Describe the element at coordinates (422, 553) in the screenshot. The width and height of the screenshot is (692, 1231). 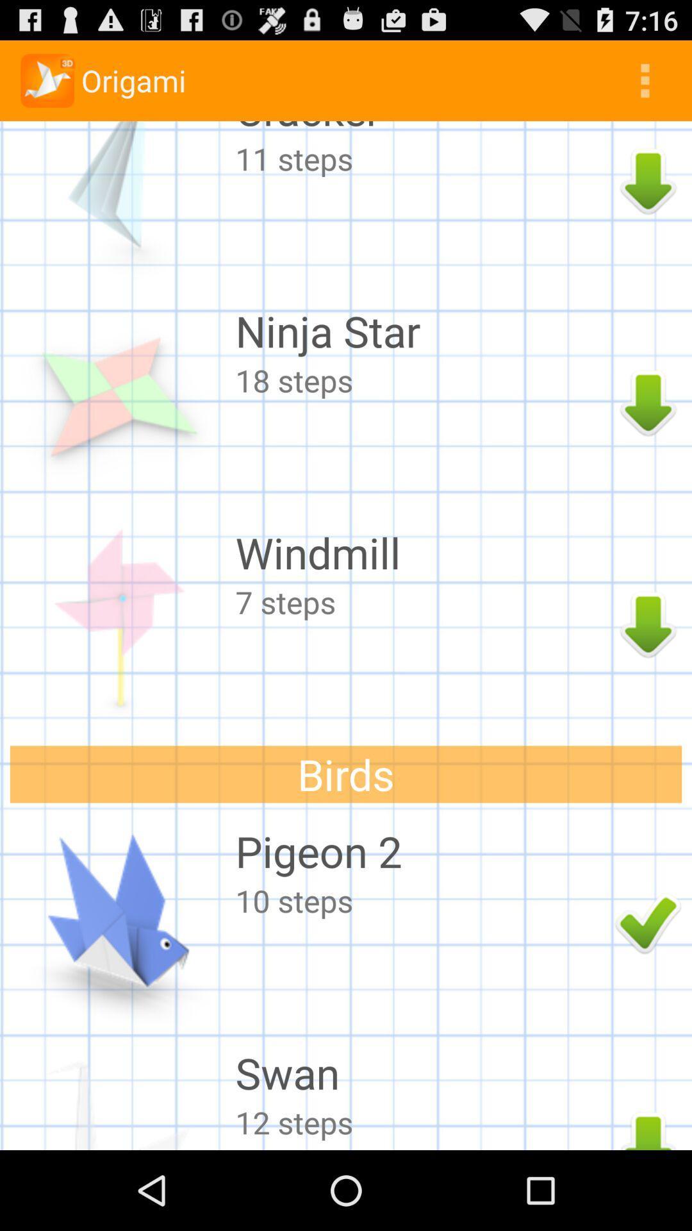
I see `the windmill icon` at that location.